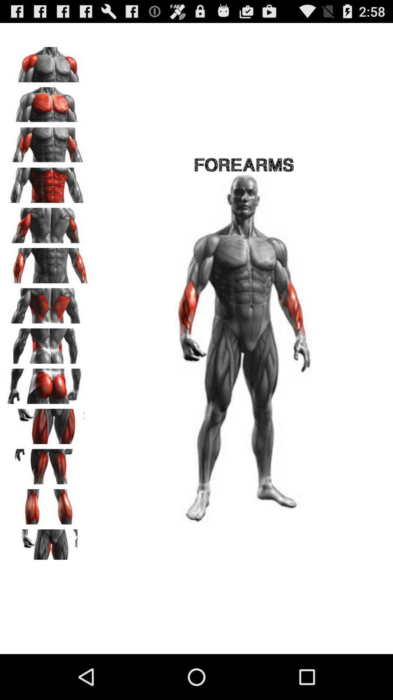  I want to click on body part, so click(48, 102).